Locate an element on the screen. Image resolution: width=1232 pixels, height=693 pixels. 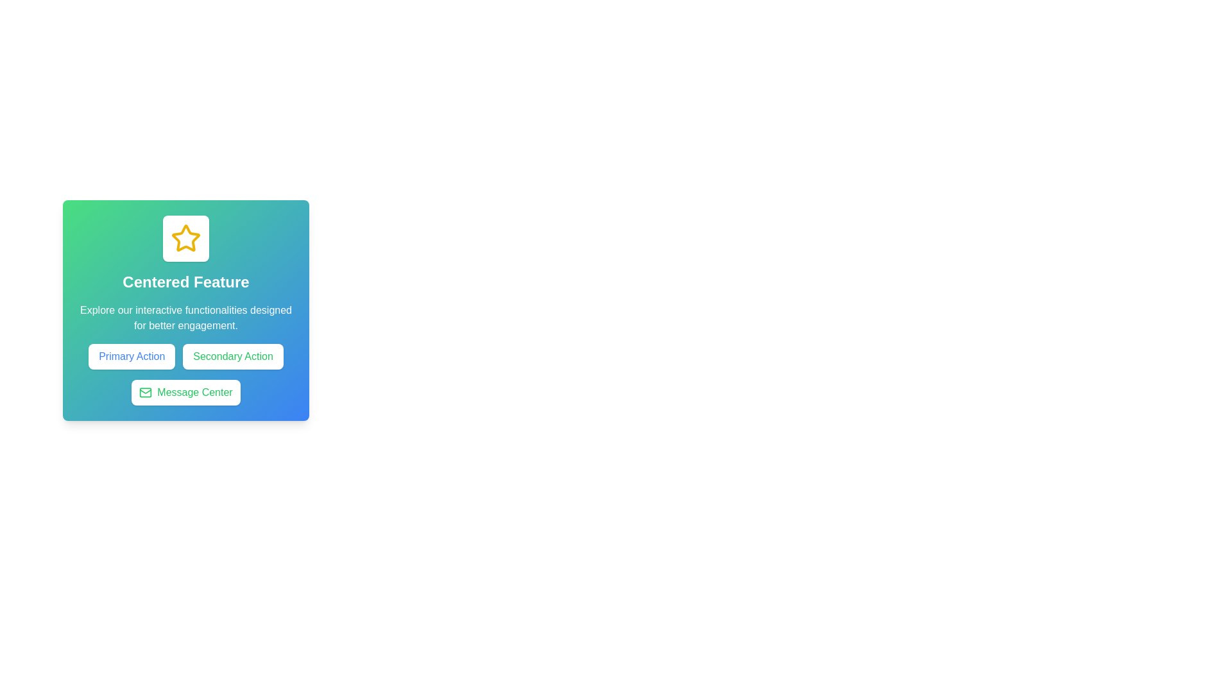
the star icon located at the top center of the card-like component above the text 'Centered Feature' is located at coordinates (185, 238).